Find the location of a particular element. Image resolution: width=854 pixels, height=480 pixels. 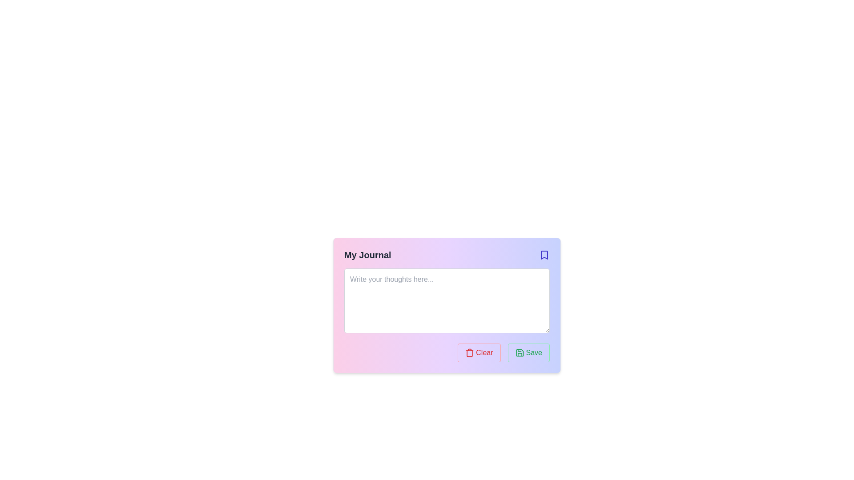

the 'Clear' button located beneath the 'My Journal' text input field is located at coordinates (484, 352).